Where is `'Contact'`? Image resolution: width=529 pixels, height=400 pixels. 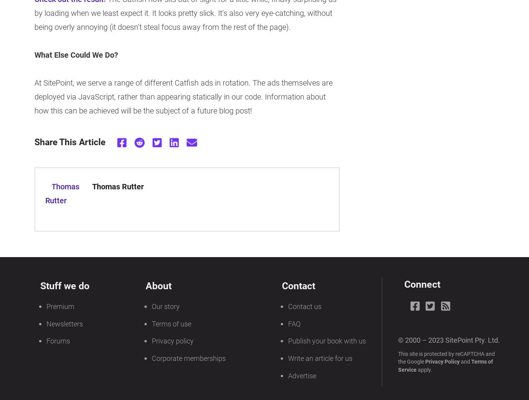
'Contact' is located at coordinates (298, 285).